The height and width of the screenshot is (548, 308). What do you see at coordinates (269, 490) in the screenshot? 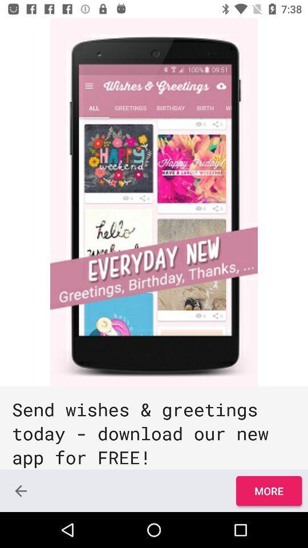
I see `more` at bounding box center [269, 490].